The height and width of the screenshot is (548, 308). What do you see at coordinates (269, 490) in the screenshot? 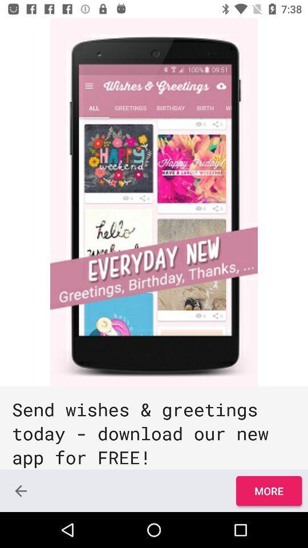
I see `more` at bounding box center [269, 490].